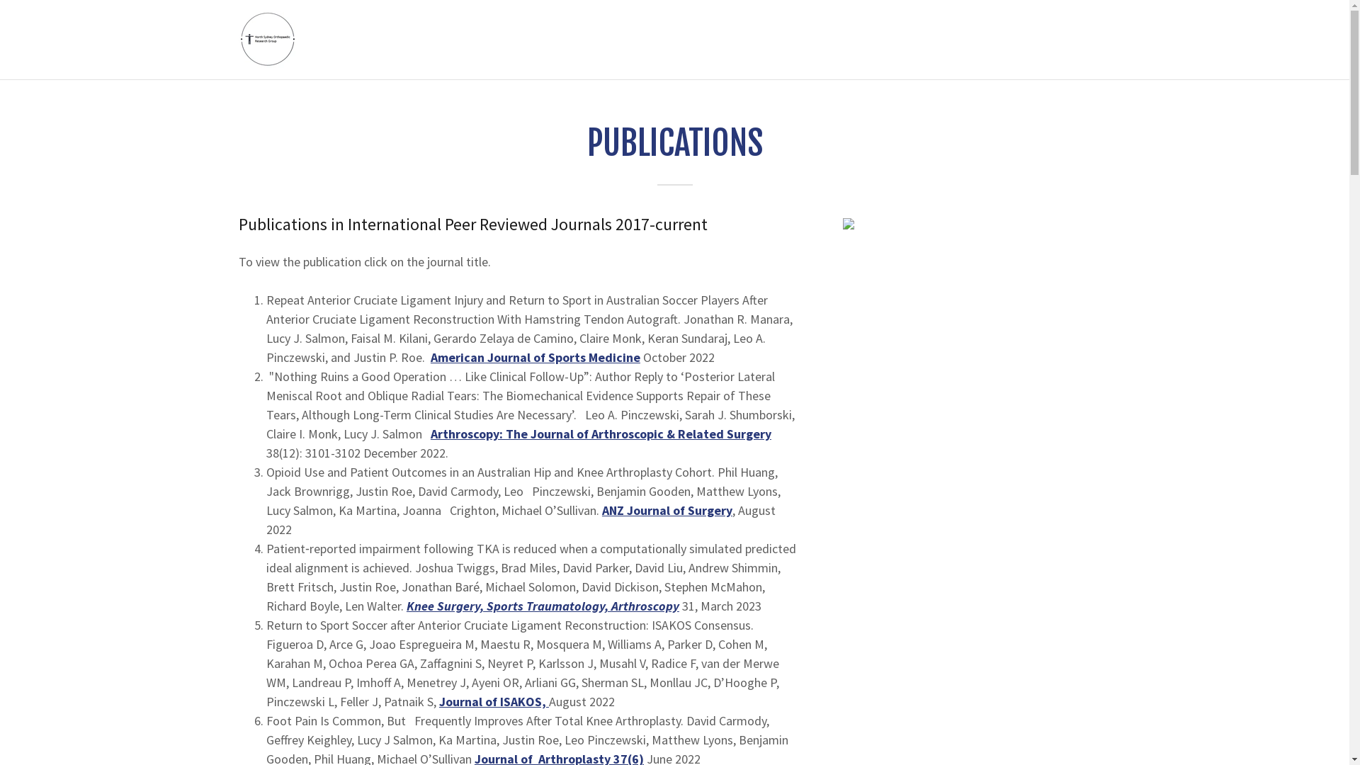  I want to click on 'Journal of ISAKOS,', so click(494, 701).